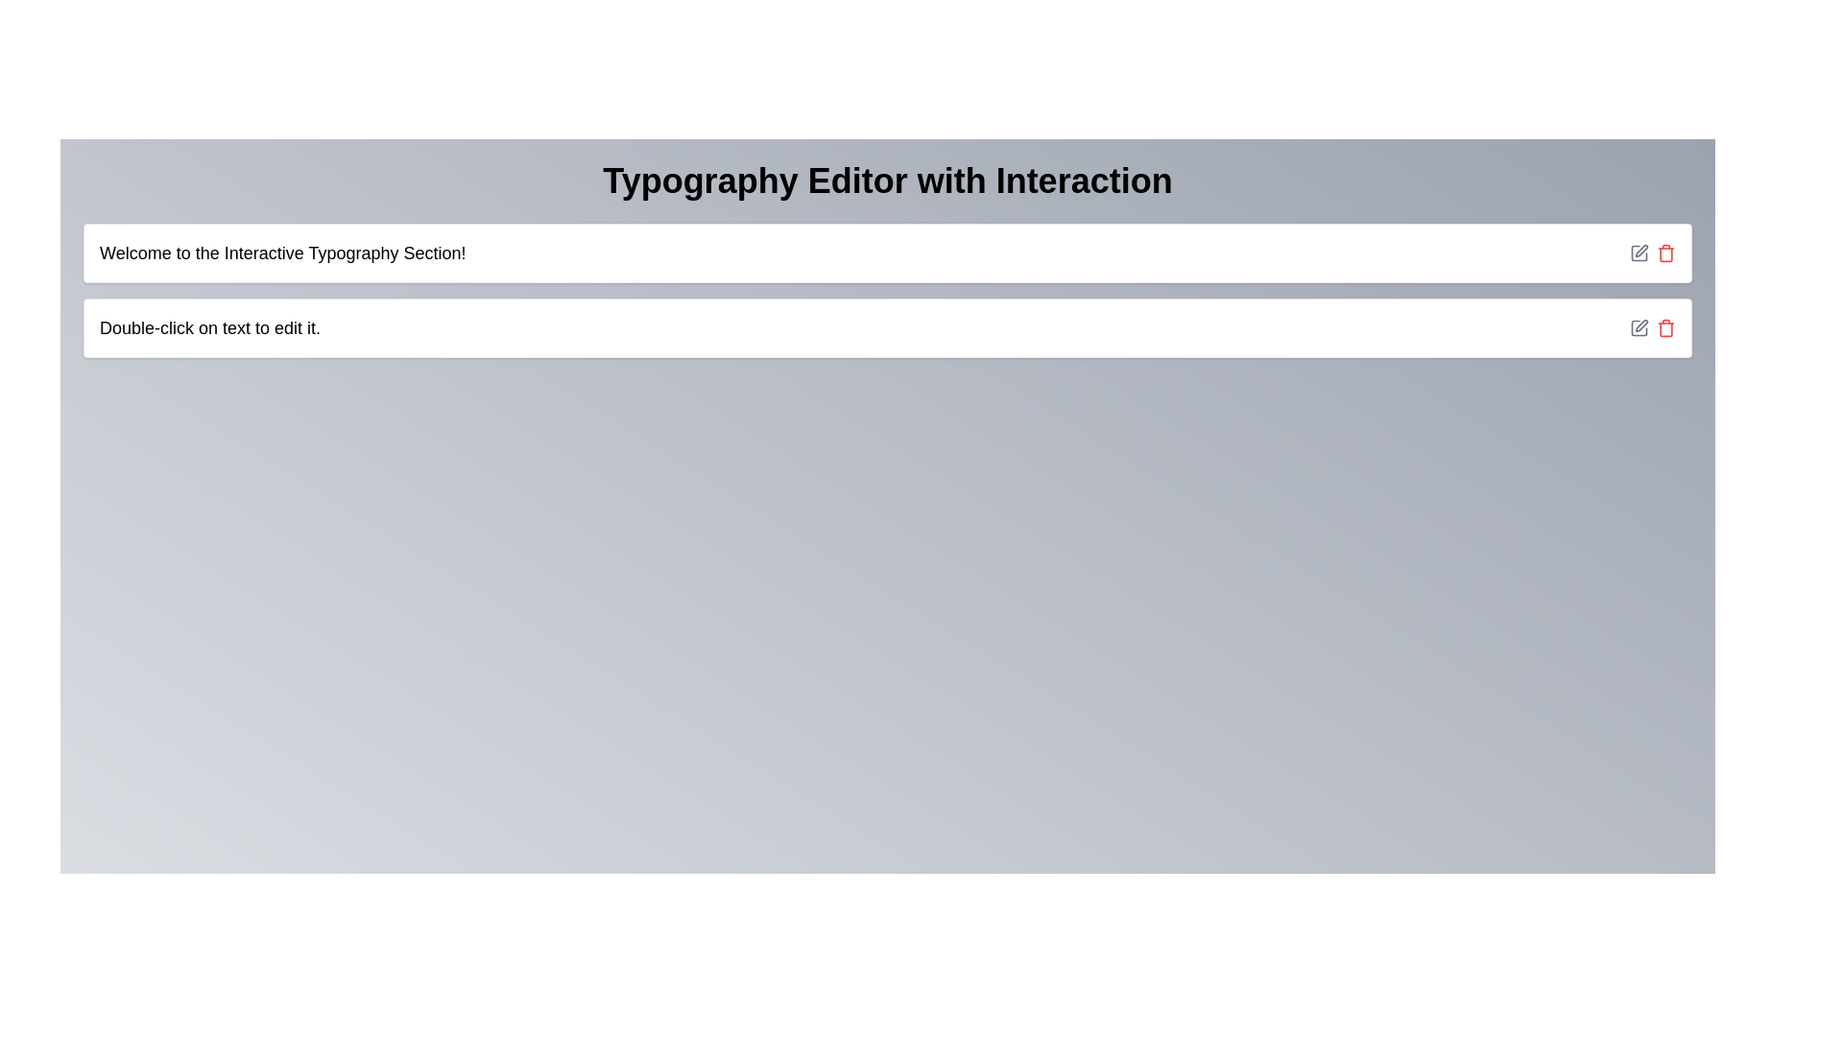 Image resolution: width=1843 pixels, height=1037 pixels. I want to click on the icon button located in the top-right region of the first text box, so click(1640, 250).